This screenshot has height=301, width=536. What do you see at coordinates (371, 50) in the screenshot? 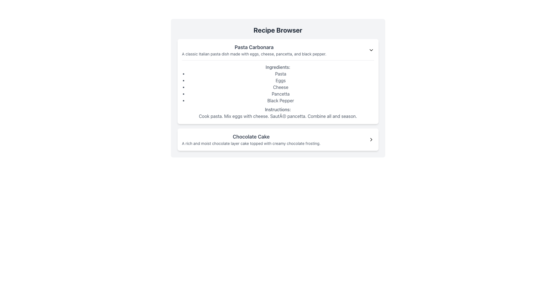
I see `the chevron icon at the far right end of the header section of the 'Pasta Carbonara' recipe block` at bounding box center [371, 50].